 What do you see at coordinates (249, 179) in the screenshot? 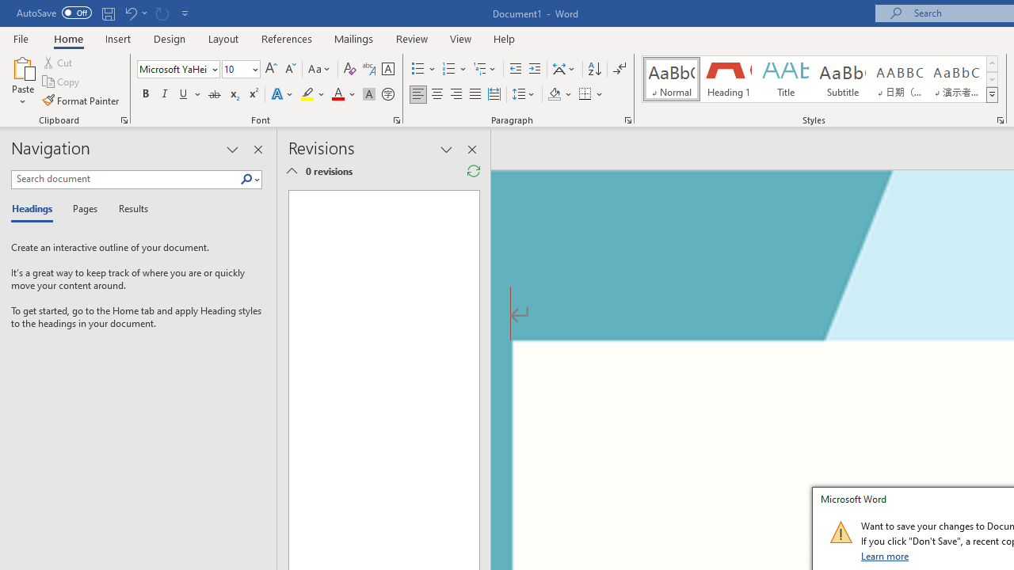
I see `'Search'` at bounding box center [249, 179].